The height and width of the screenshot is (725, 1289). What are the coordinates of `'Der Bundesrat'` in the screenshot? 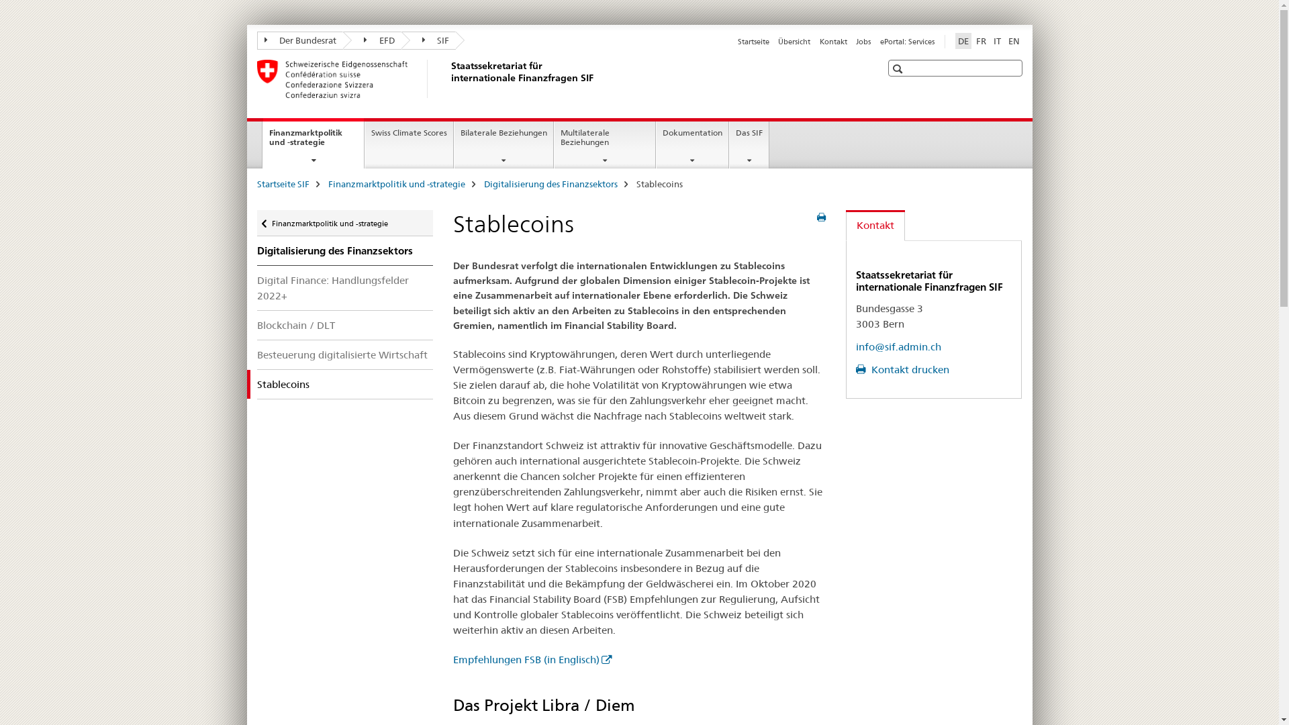 It's located at (299, 40).